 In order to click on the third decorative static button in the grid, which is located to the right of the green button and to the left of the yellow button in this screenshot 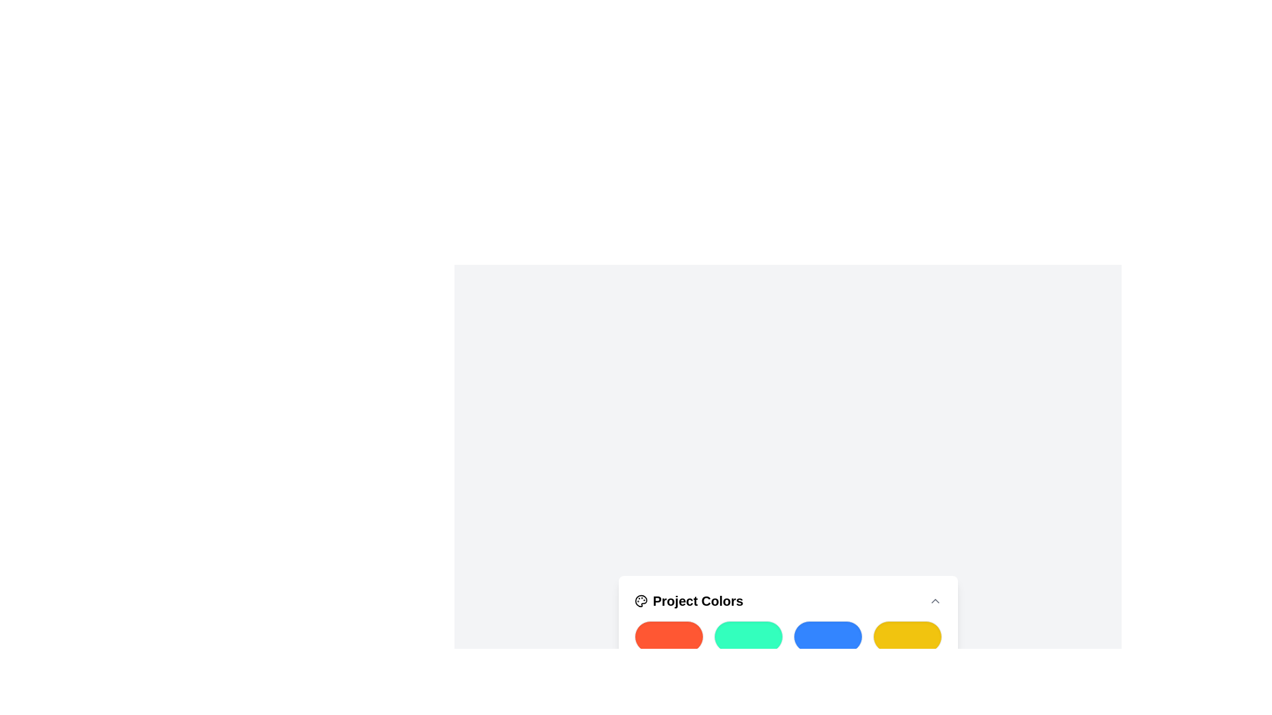, I will do `click(827, 636)`.